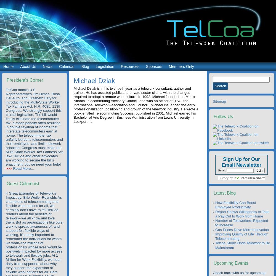  Describe the element at coordinates (140, 80) in the screenshot. I see `'Pandemics/Public Health'` at that location.